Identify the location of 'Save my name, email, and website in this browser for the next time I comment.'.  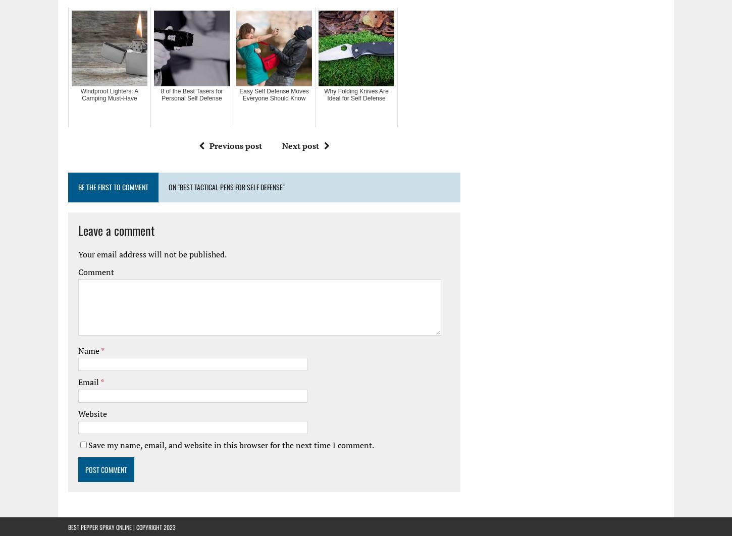
(231, 444).